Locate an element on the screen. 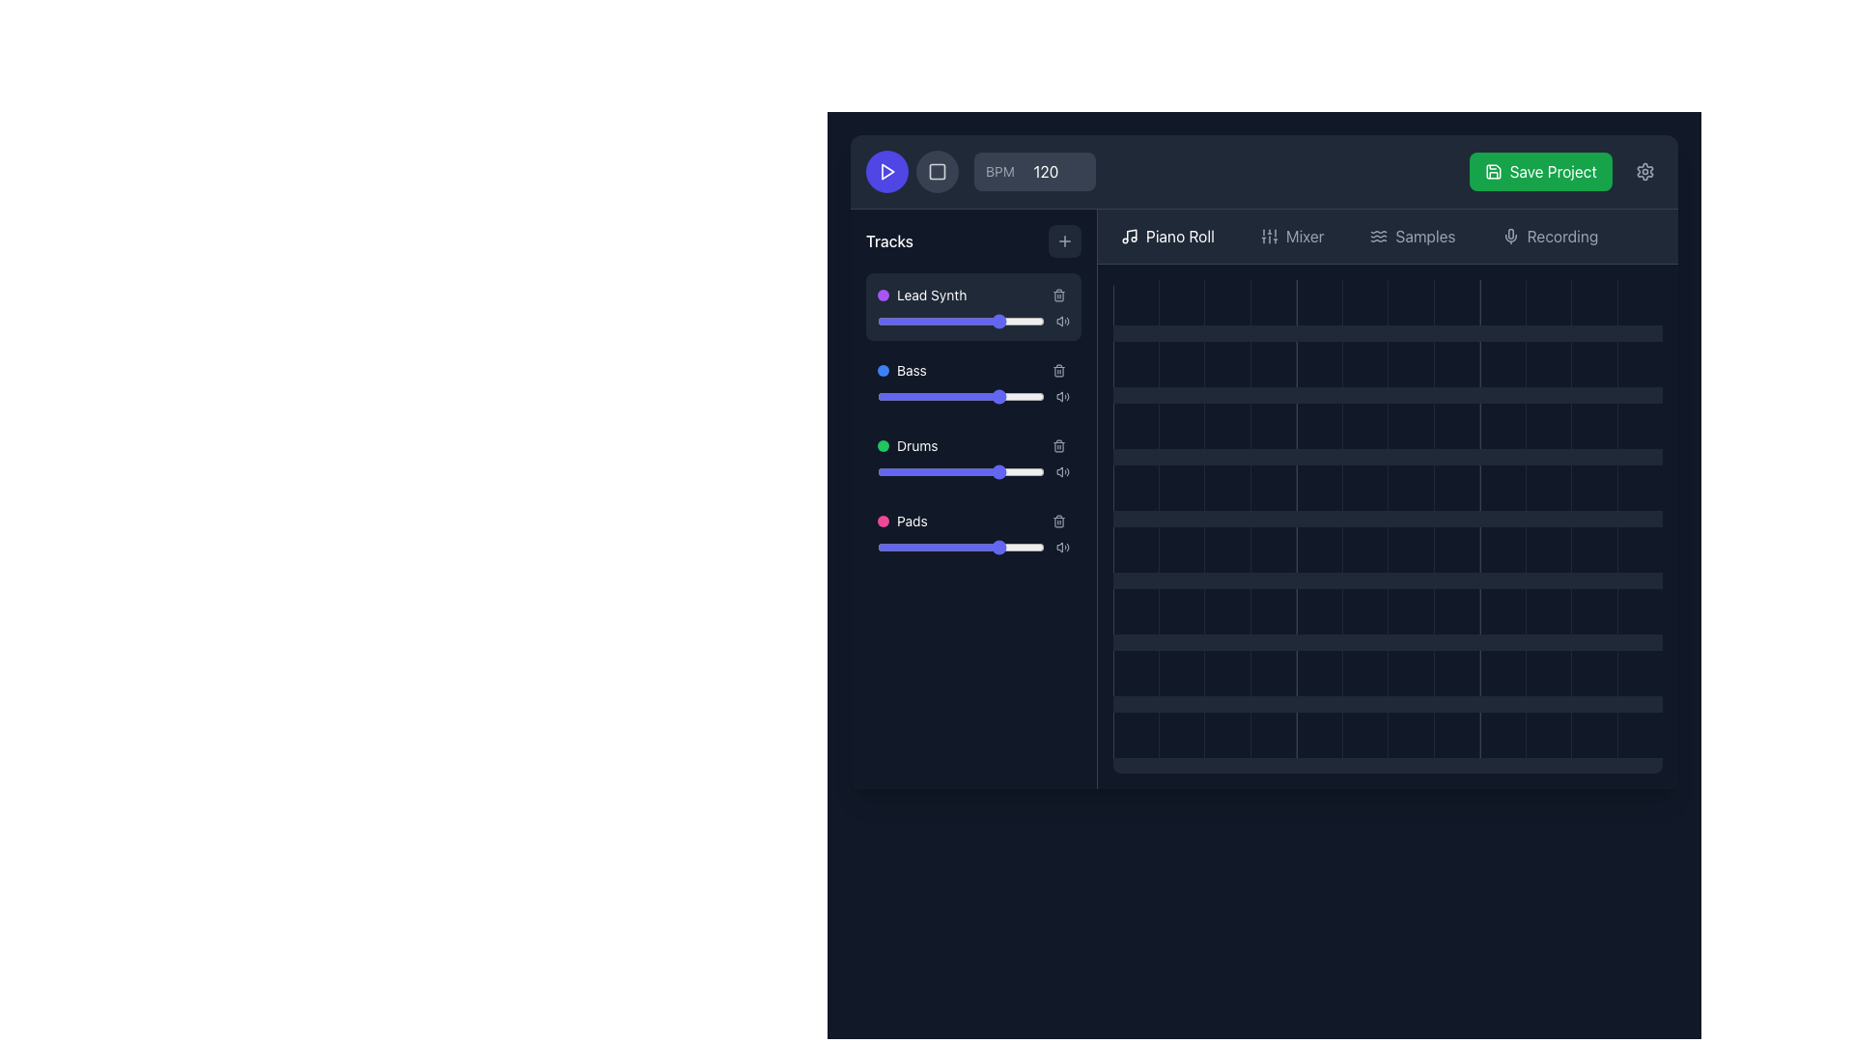  the square grid cell located in the sixth column of the sixth row with a dark gray background is located at coordinates (1502, 611).